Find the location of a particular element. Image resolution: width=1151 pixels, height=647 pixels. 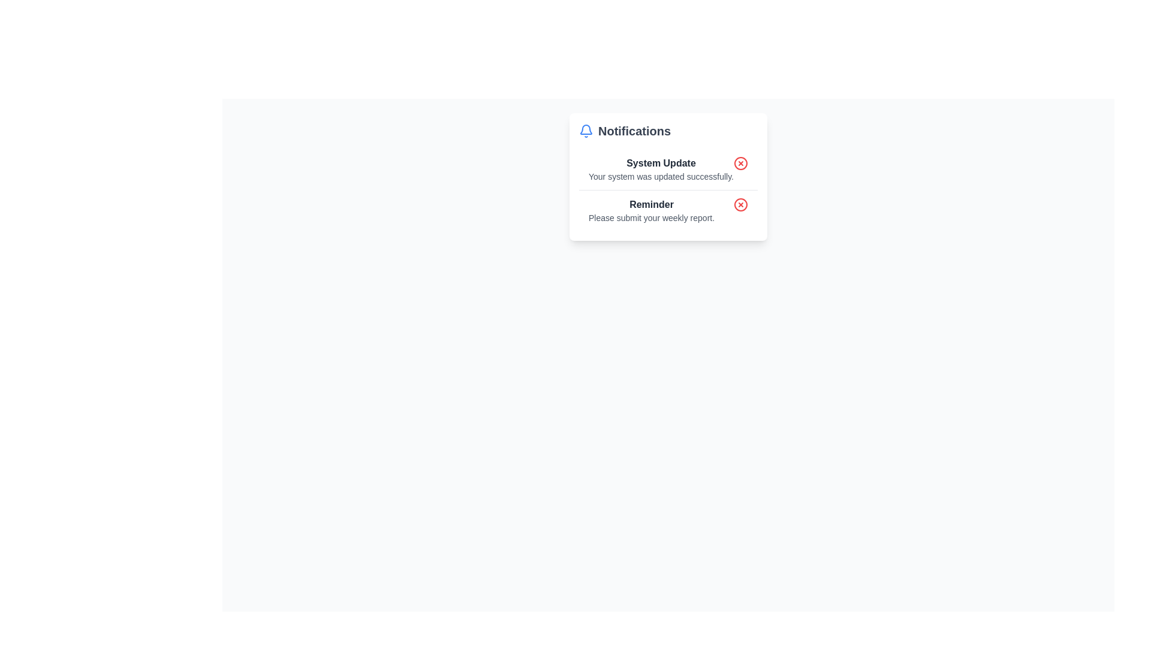

the prominent bold text 'Reminder' that is dark gray and located below the notification title 'System Update' in the second notification of the 'Notifications' section is located at coordinates (651, 204).